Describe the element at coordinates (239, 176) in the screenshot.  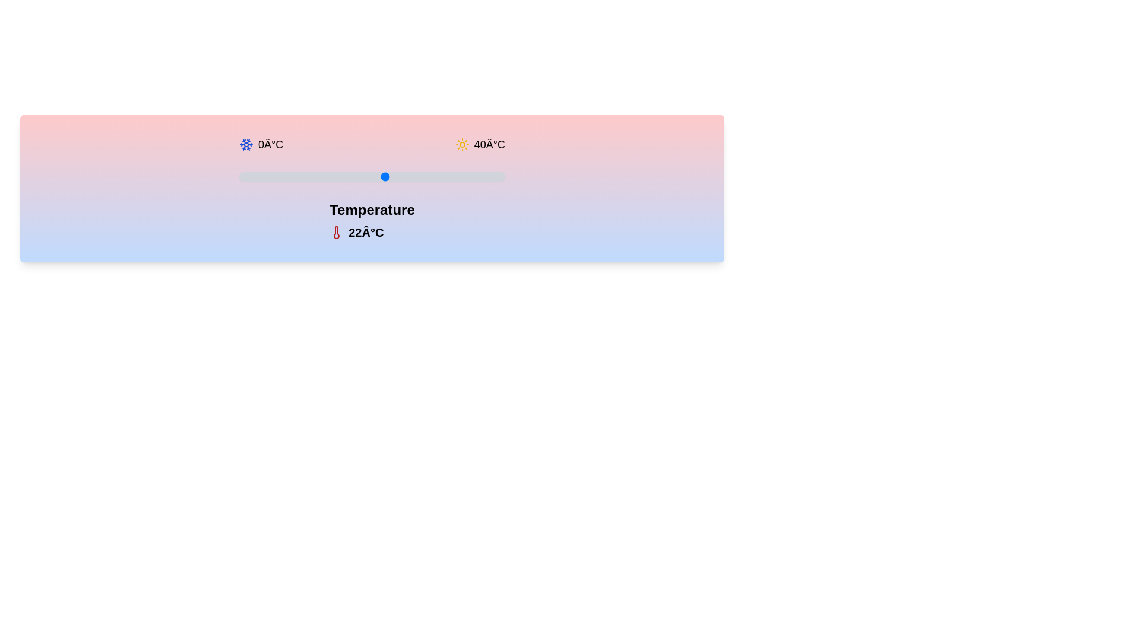
I see `the slider to set the temperature to 0°C` at that location.